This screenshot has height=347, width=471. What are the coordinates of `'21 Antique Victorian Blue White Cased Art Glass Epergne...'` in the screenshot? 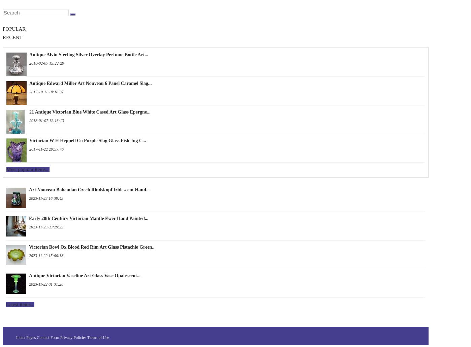 It's located at (90, 111).